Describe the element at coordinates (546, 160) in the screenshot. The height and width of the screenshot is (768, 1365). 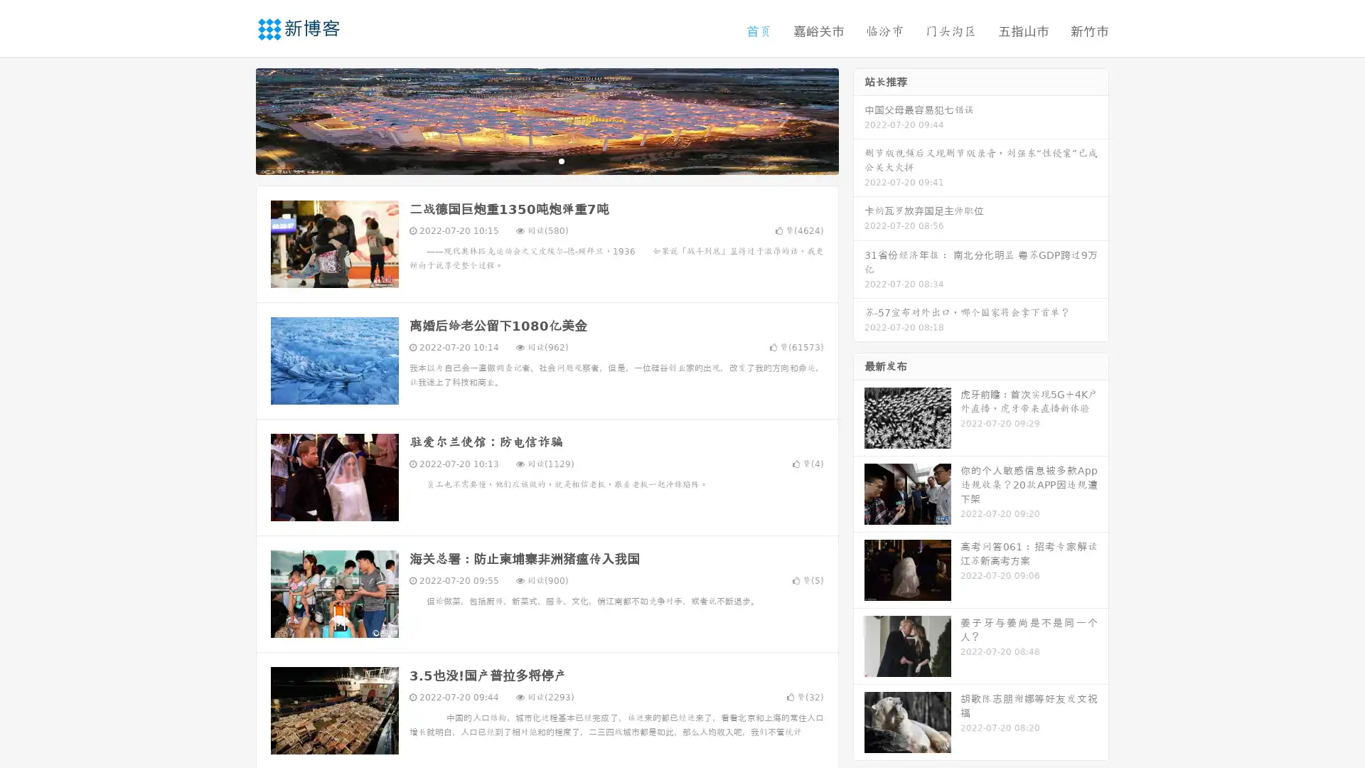
I see `Go to slide 2` at that location.